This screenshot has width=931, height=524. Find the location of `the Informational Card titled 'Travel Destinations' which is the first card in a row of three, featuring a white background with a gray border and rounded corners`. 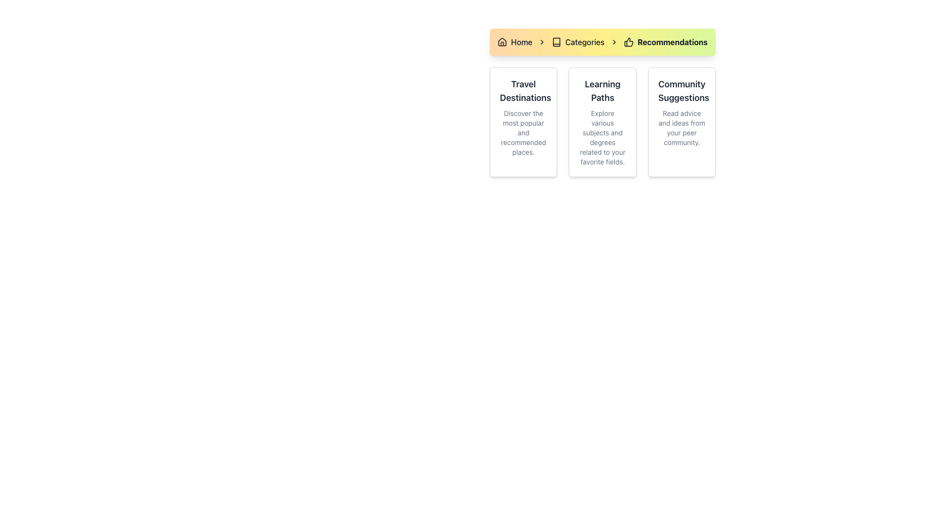

the Informational Card titled 'Travel Destinations' which is the first card in a row of three, featuring a white background with a gray border and rounded corners is located at coordinates (523, 121).